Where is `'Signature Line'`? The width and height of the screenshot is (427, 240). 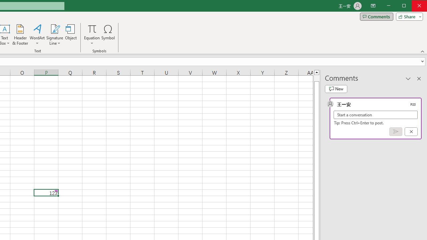 'Signature Line' is located at coordinates (55, 35).